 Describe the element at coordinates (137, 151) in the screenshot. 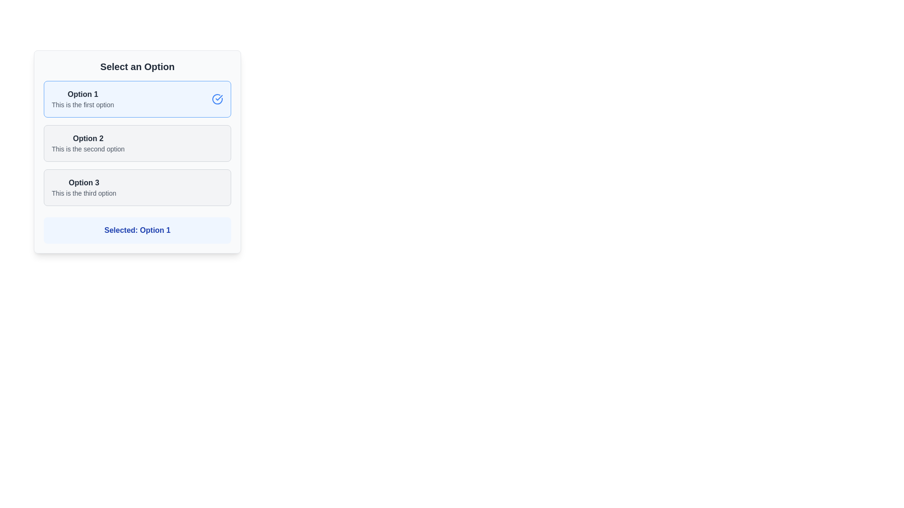

I see `the selectable list item box containing 'Option 2'` at that location.